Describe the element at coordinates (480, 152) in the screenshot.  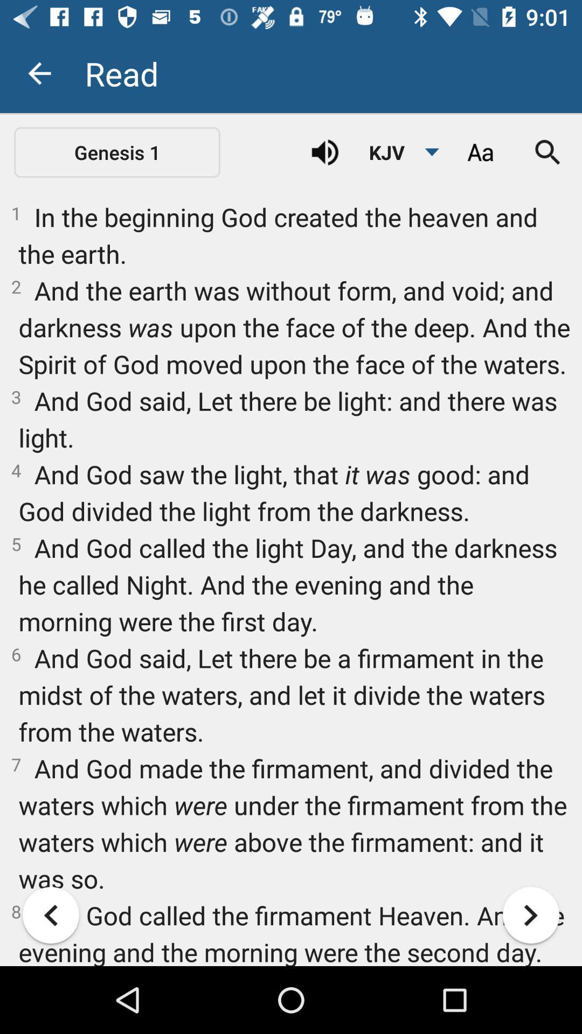
I see `choose font` at that location.